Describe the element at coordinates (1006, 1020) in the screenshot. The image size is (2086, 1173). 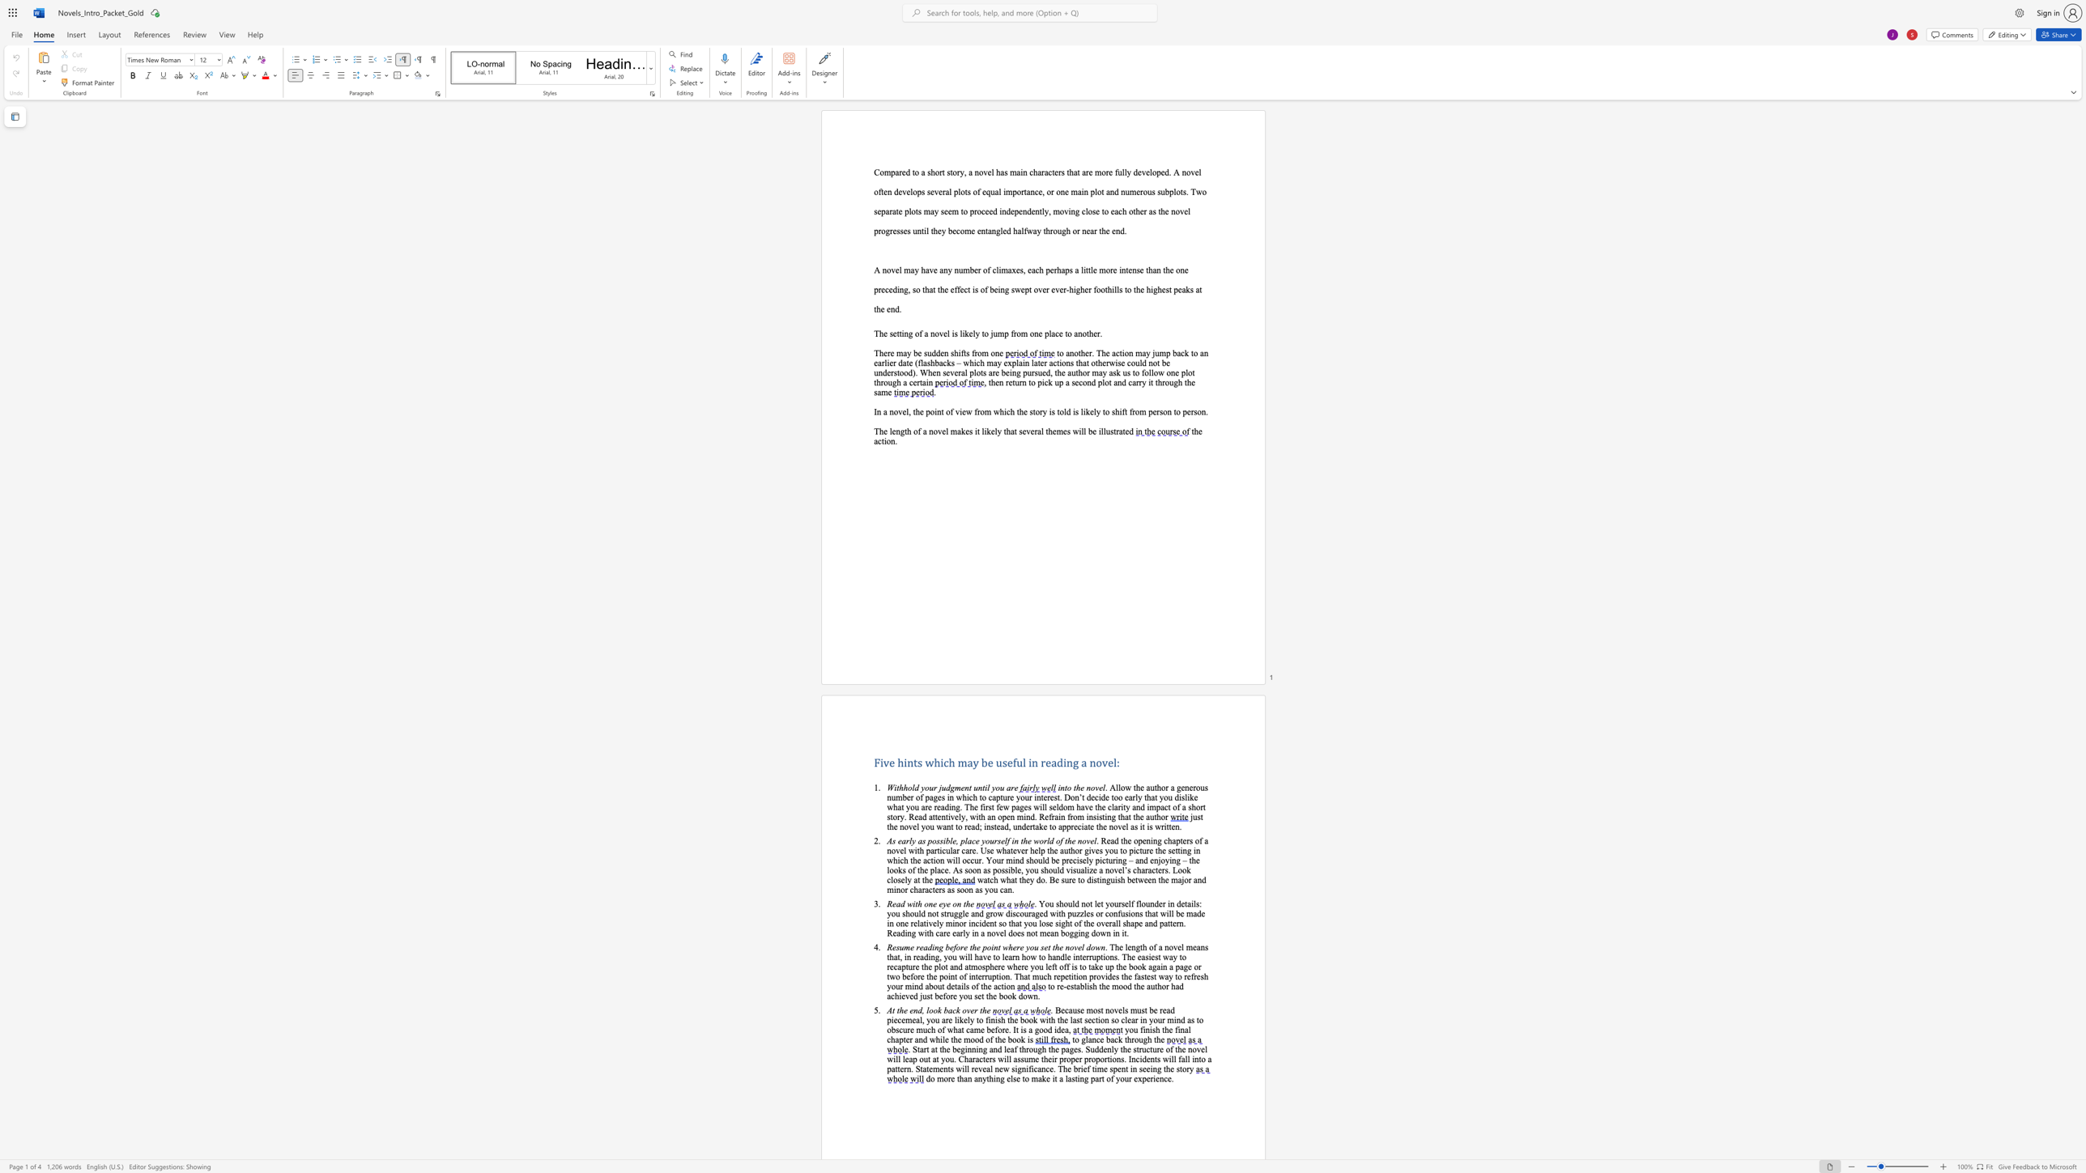
I see `the subset text "the book with the last section so clear in your mind as to ob" within the text "Because most novels must be read piecemeal, you are likely to finish the book with the last section so clear in your mind as to obscure much of what came before. It is"` at that location.